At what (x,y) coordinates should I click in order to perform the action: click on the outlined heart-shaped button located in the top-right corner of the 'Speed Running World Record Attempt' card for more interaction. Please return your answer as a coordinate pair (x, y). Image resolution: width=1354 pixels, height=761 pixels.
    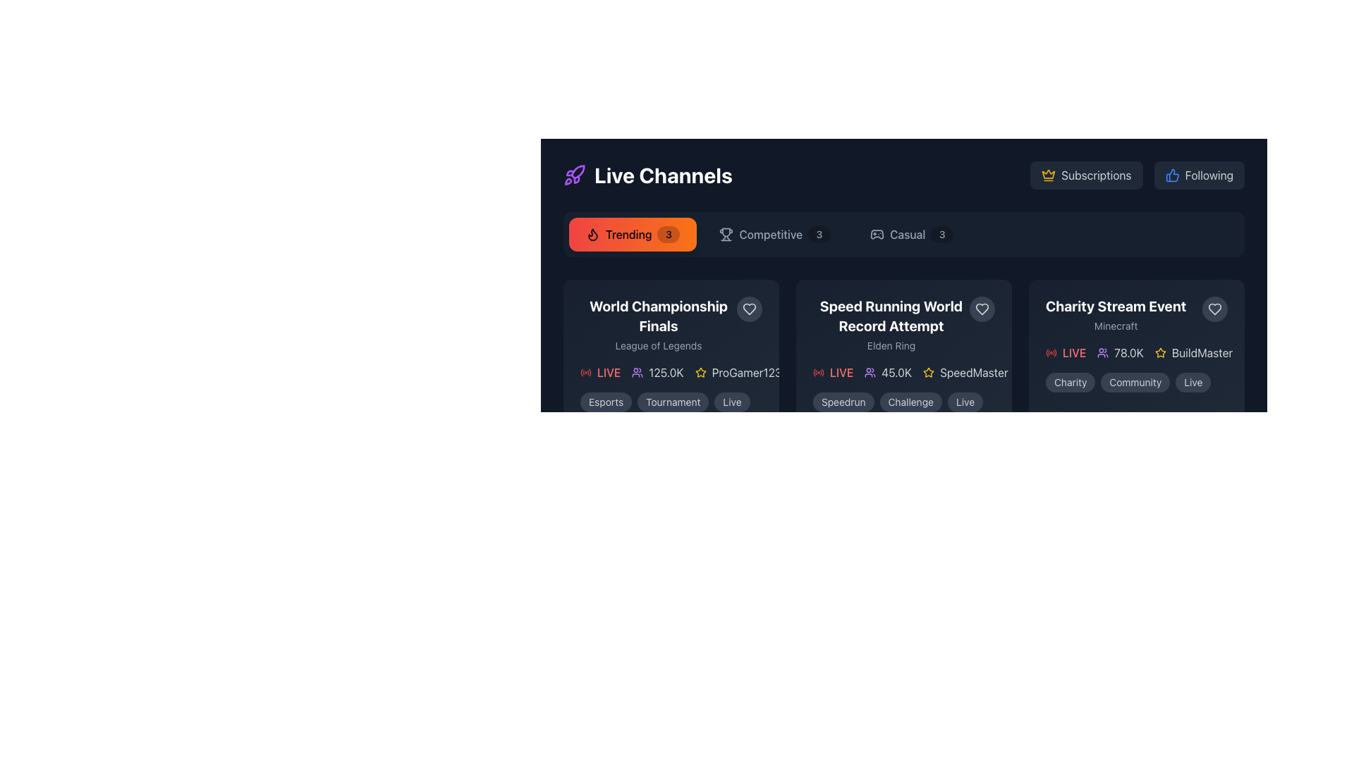
    Looking at the image, I should click on (981, 309).